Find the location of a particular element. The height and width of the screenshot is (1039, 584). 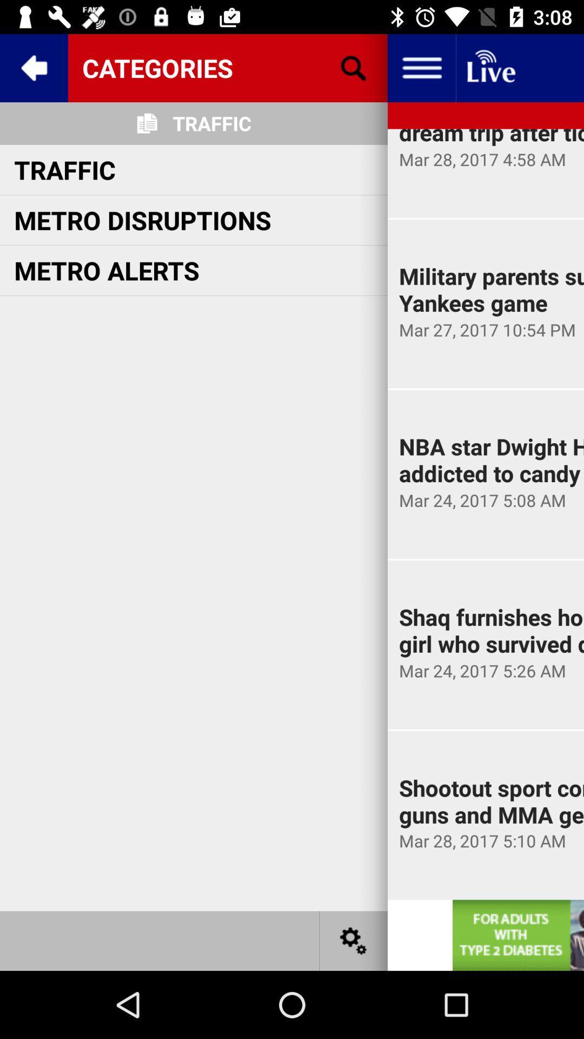

settings is located at coordinates (354, 940).